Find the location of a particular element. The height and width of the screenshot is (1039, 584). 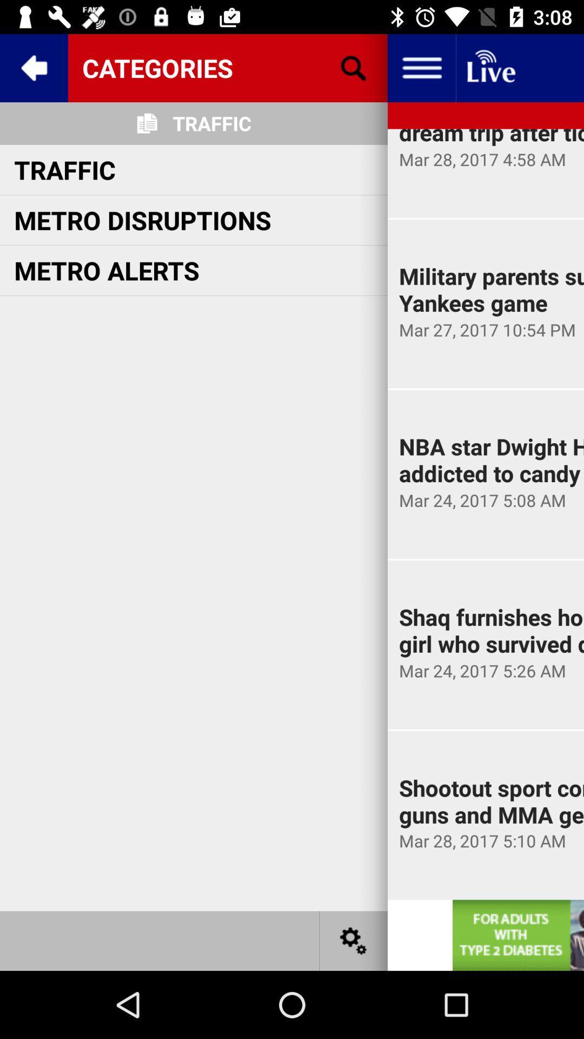

settings is located at coordinates (354, 940).